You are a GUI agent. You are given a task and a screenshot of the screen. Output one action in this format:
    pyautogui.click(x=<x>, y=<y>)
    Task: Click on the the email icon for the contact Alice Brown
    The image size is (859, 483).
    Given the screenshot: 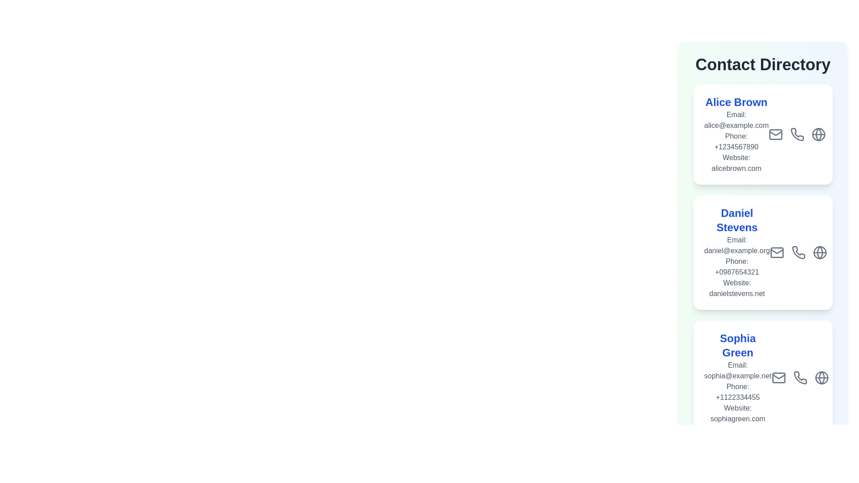 What is the action you would take?
    pyautogui.click(x=775, y=134)
    